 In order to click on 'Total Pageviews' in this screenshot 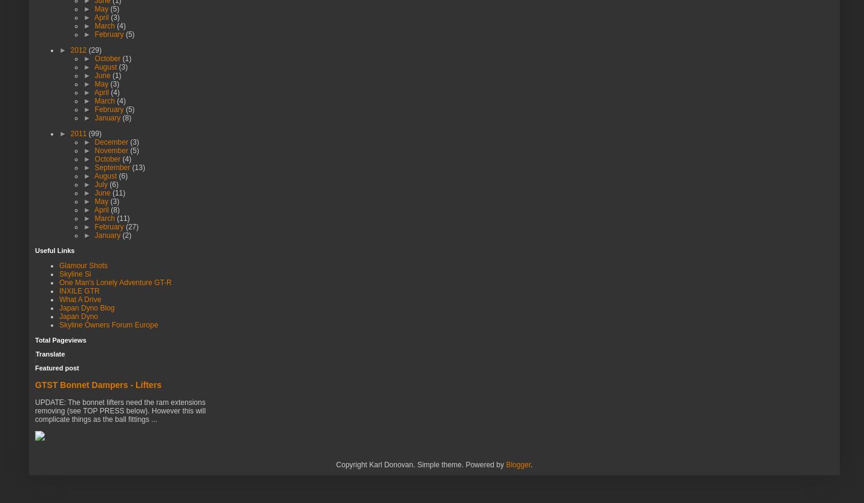, I will do `click(60, 340)`.